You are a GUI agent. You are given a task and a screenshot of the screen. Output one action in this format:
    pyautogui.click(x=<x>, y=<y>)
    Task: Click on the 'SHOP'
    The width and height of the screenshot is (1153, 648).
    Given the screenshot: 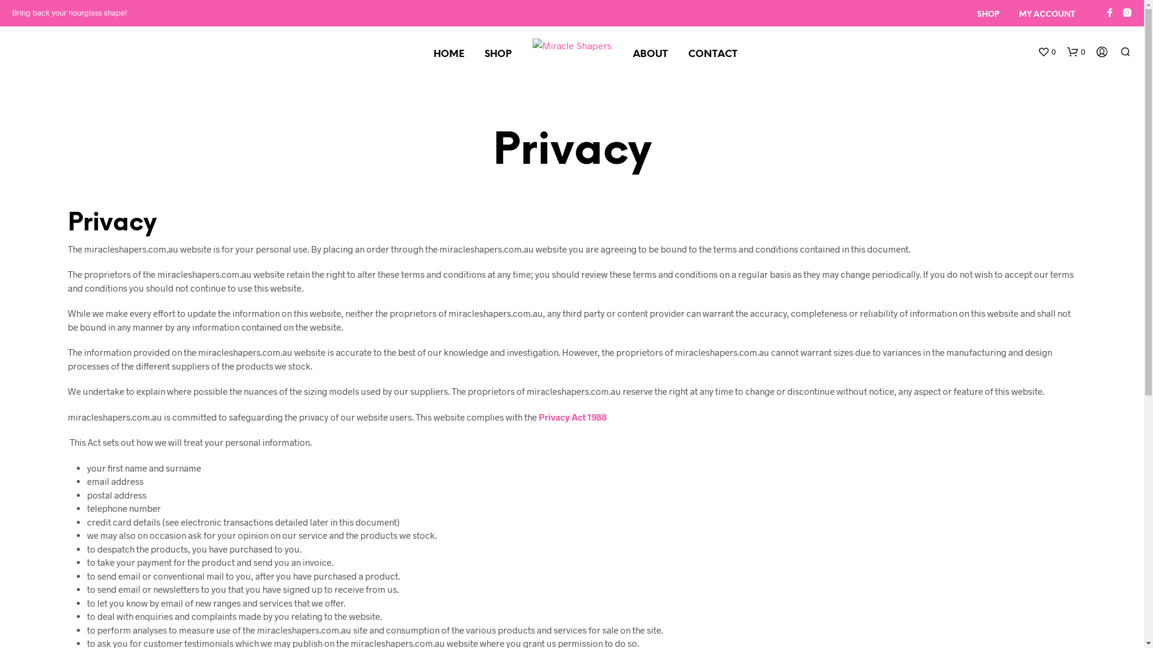 What is the action you would take?
    pyautogui.click(x=988, y=14)
    